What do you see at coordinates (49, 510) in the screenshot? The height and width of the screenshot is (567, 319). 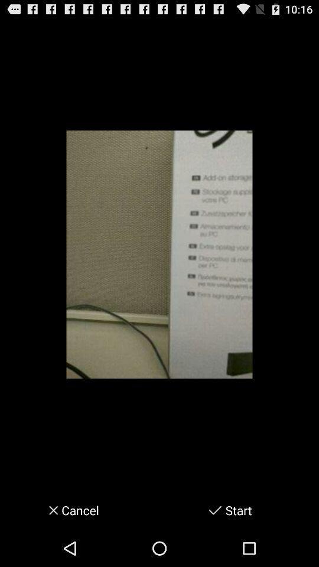 I see `cancel` at bounding box center [49, 510].